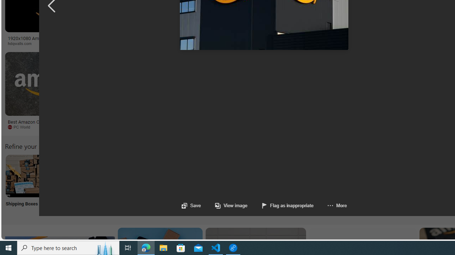 The image size is (455, 255). What do you see at coordinates (224, 205) in the screenshot?
I see `'View image'` at bounding box center [224, 205].